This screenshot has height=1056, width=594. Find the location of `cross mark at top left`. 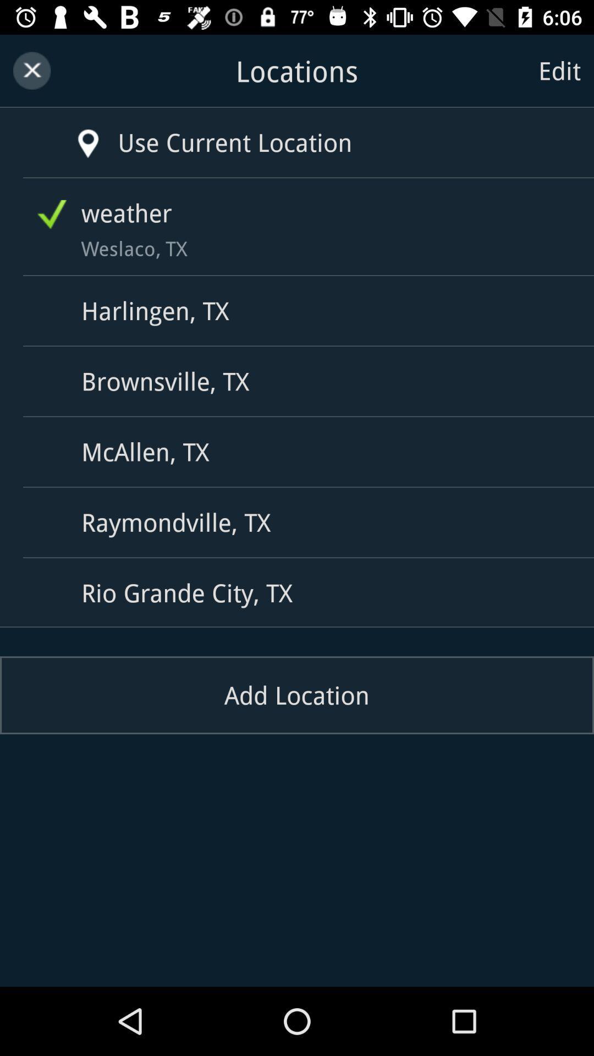

cross mark at top left is located at coordinates (31, 70).